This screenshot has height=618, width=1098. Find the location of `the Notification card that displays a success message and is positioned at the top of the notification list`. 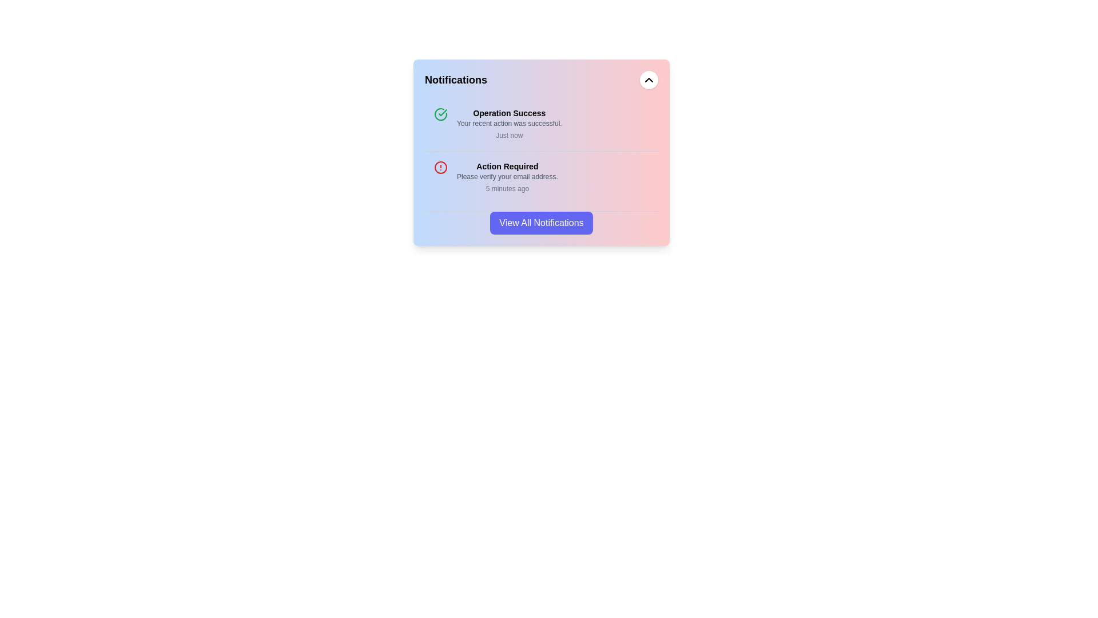

the Notification card that displays a success message and is positioned at the top of the notification list is located at coordinates (540, 125).